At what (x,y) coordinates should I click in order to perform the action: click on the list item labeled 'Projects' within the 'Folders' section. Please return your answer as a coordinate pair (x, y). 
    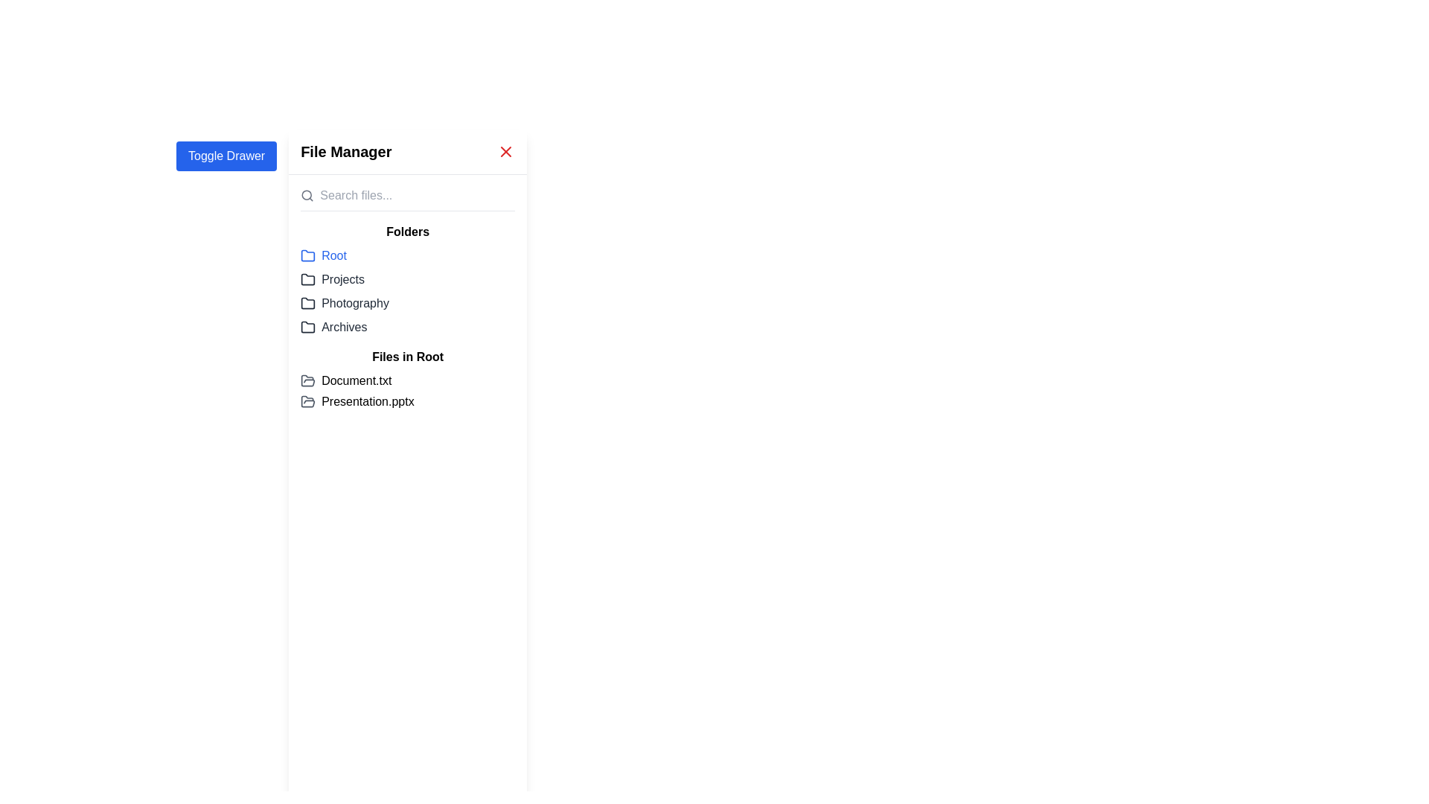
    Looking at the image, I should click on (408, 279).